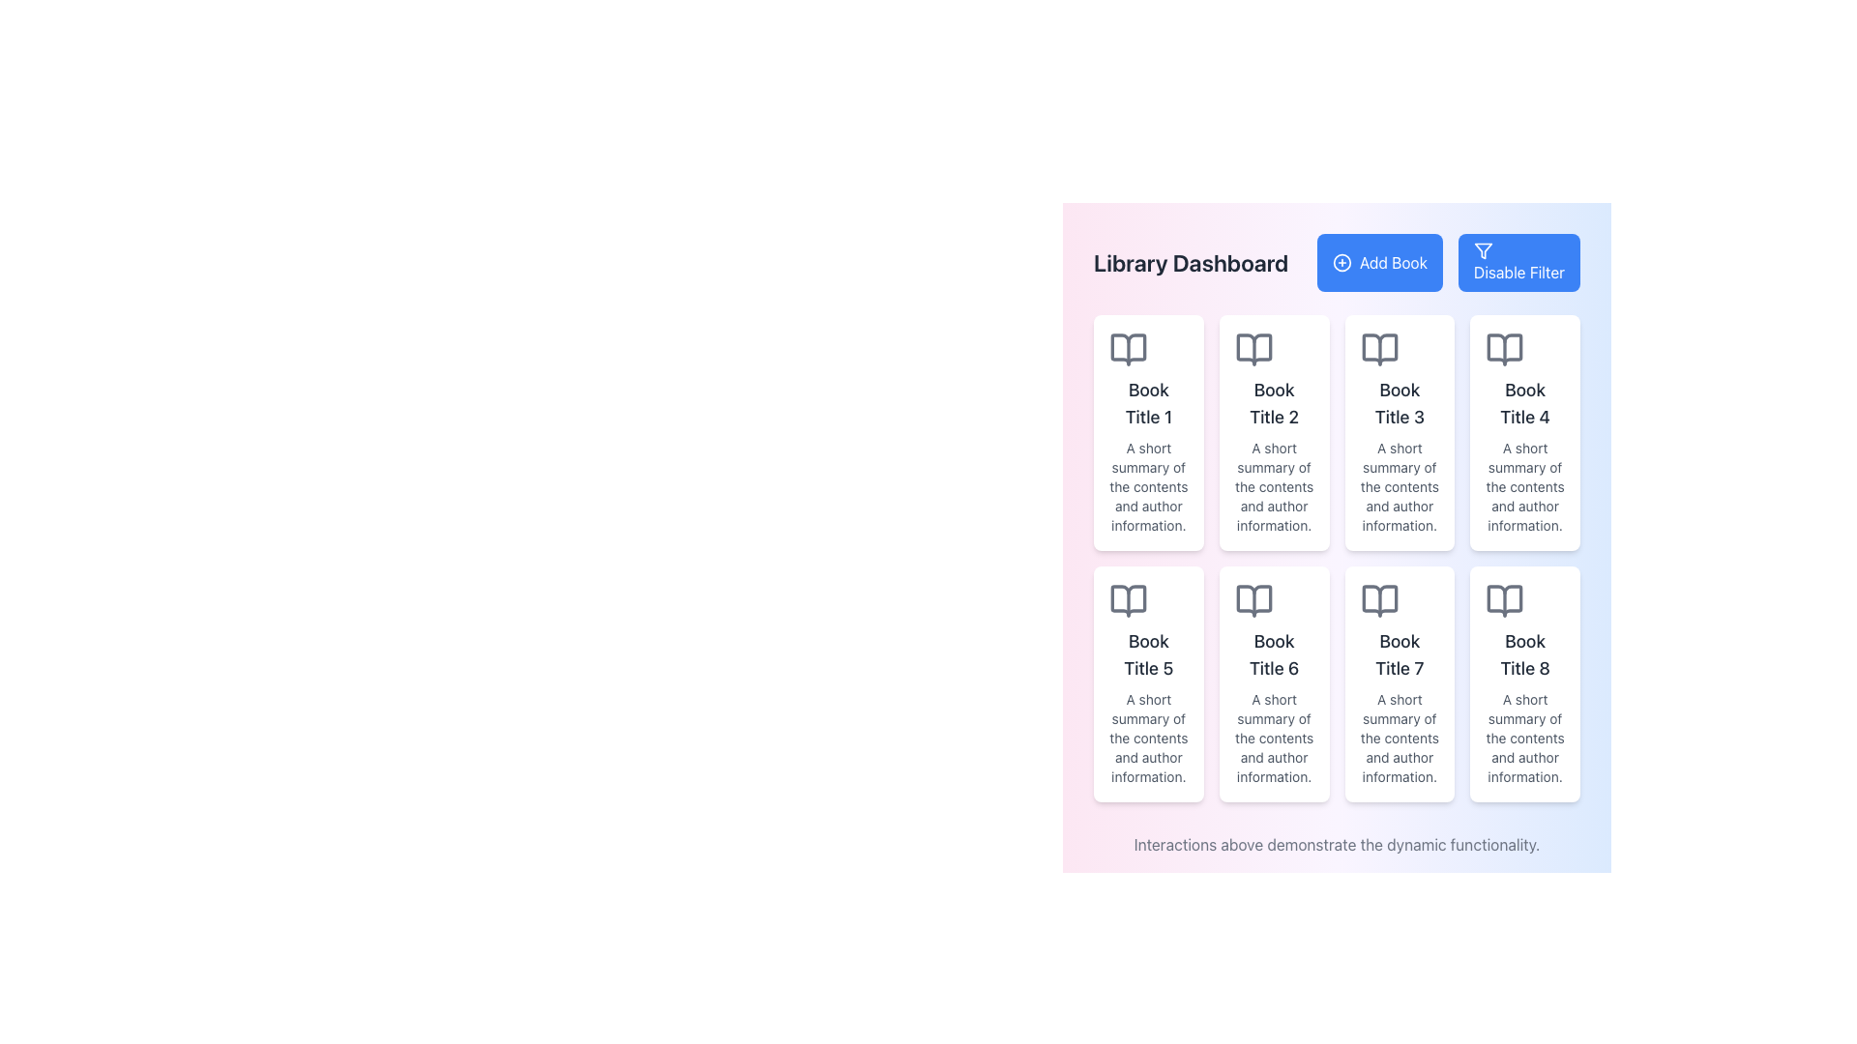 This screenshot has height=1044, width=1857. What do you see at coordinates (1524, 683) in the screenshot?
I see `the Information Card displaying 'Book Title 8' in the bottom-right corner of the library dashboard` at bounding box center [1524, 683].